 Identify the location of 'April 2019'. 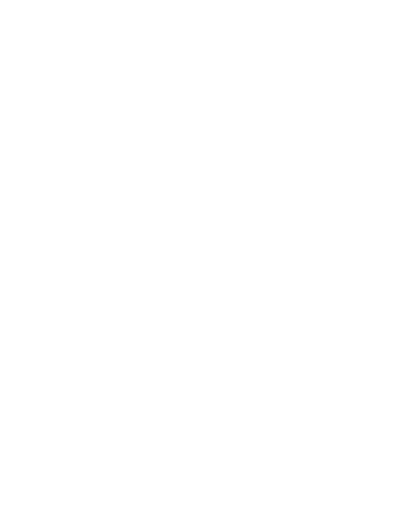
(44, 270).